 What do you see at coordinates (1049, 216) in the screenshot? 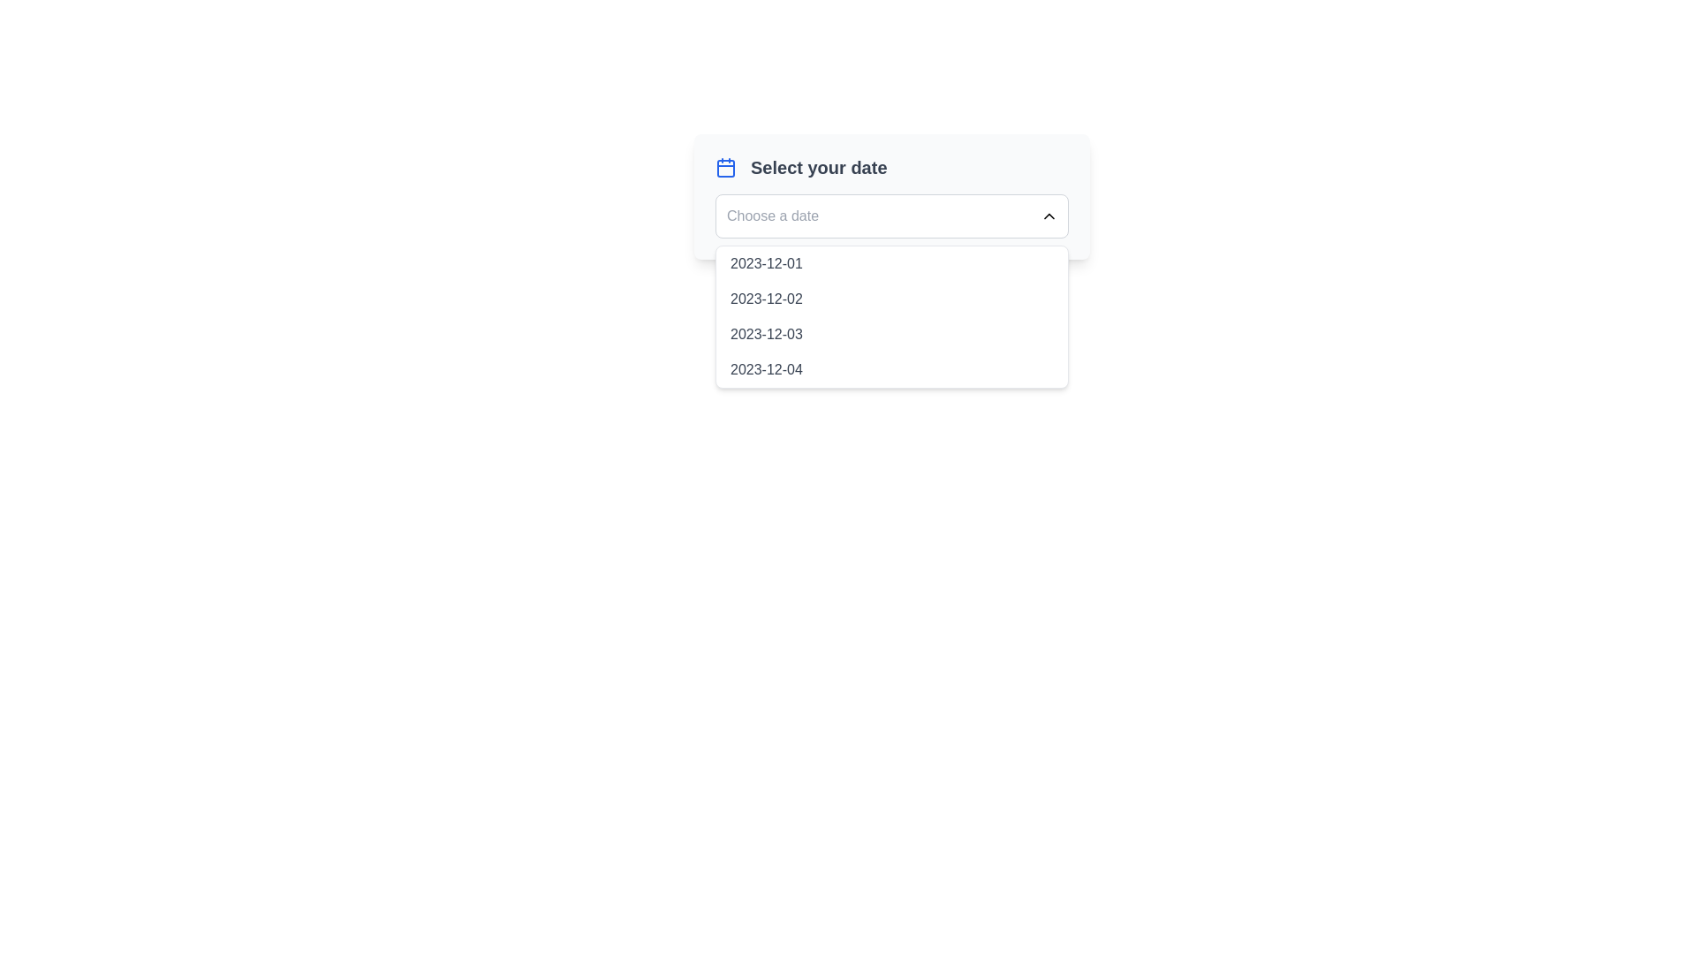
I see `the arrow icon located at the far right of the date picker input field` at bounding box center [1049, 216].